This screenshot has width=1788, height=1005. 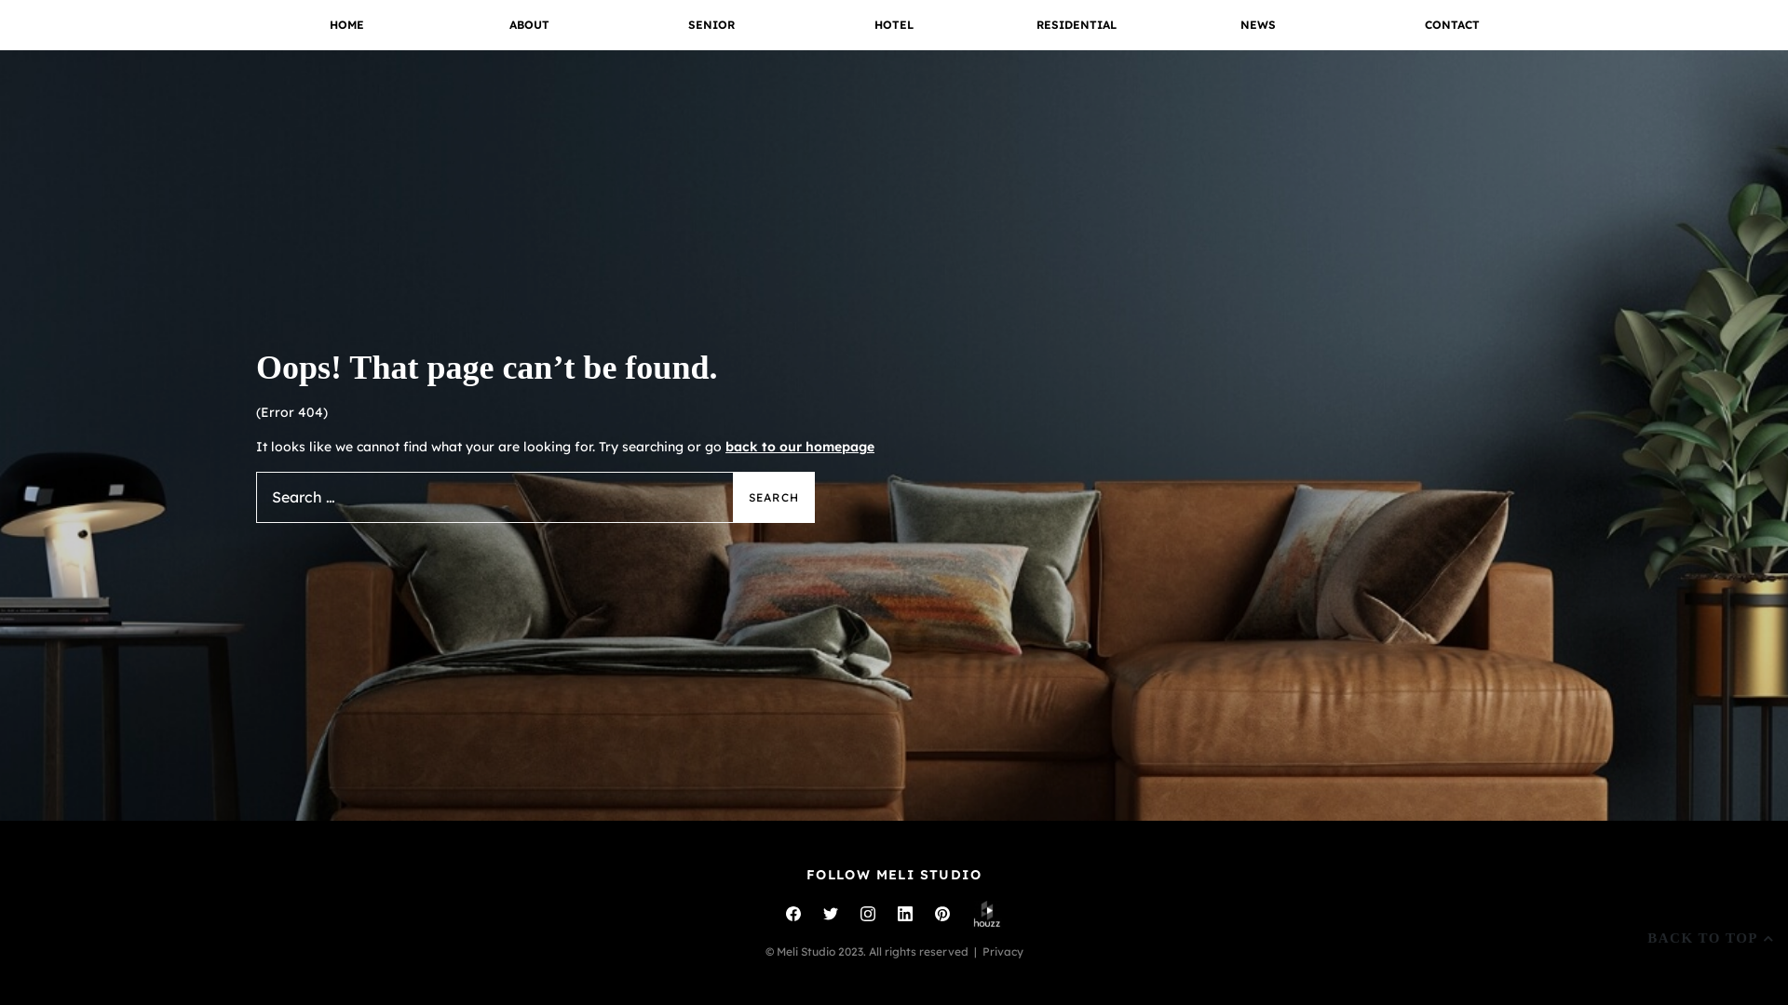 What do you see at coordinates (1702, 938) in the screenshot?
I see `'BACK TO TOP'` at bounding box center [1702, 938].